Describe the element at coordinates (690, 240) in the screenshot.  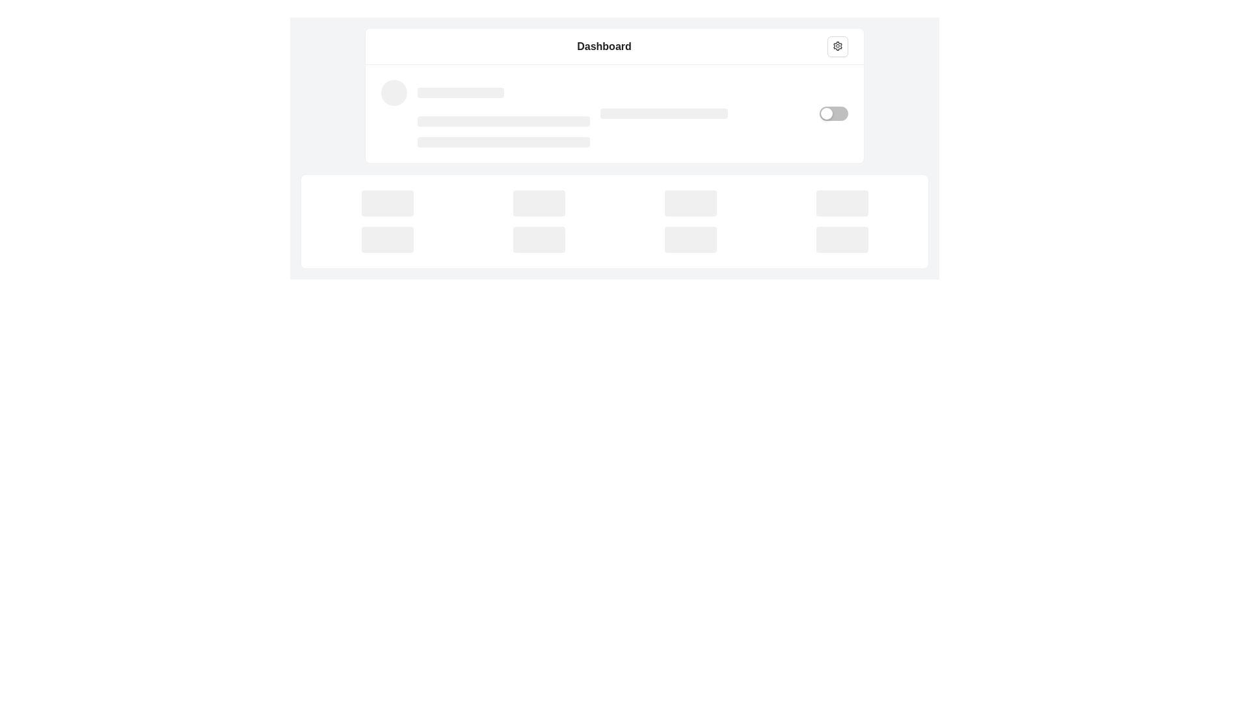
I see `the loading indicator, a rectangular light gray placeholder located in the third column of the bottom row in a grid layout` at that location.